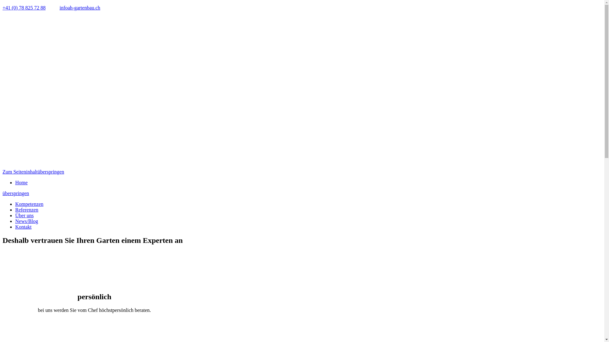  I want to click on '+41 (0) 78 825 72 88', so click(24, 8).